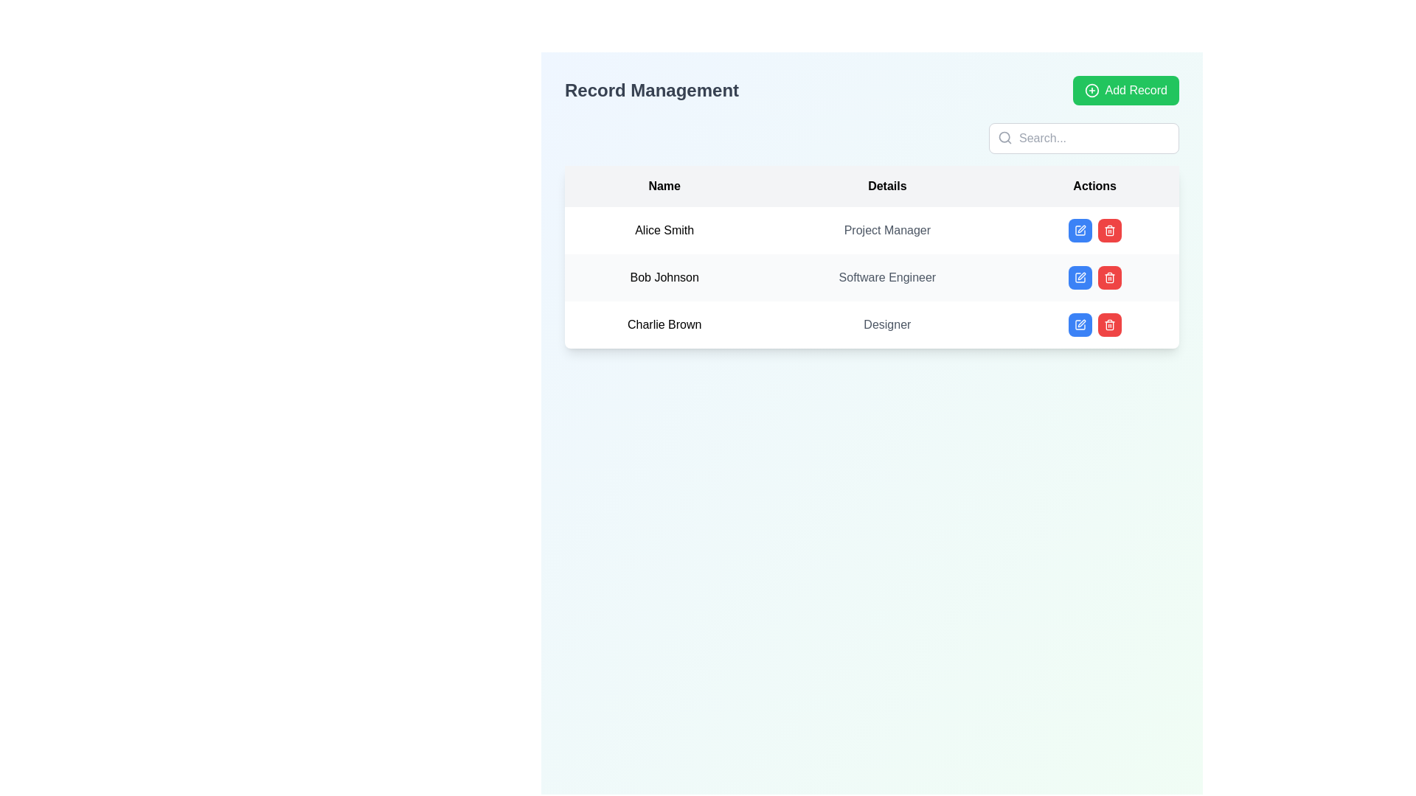 This screenshot has height=796, width=1416. Describe the element at coordinates (886, 278) in the screenshot. I see `the static text label displaying 'Software Engineer' located in the second row under the 'Details' column beside the 'Bob Johnson' name entry` at that location.